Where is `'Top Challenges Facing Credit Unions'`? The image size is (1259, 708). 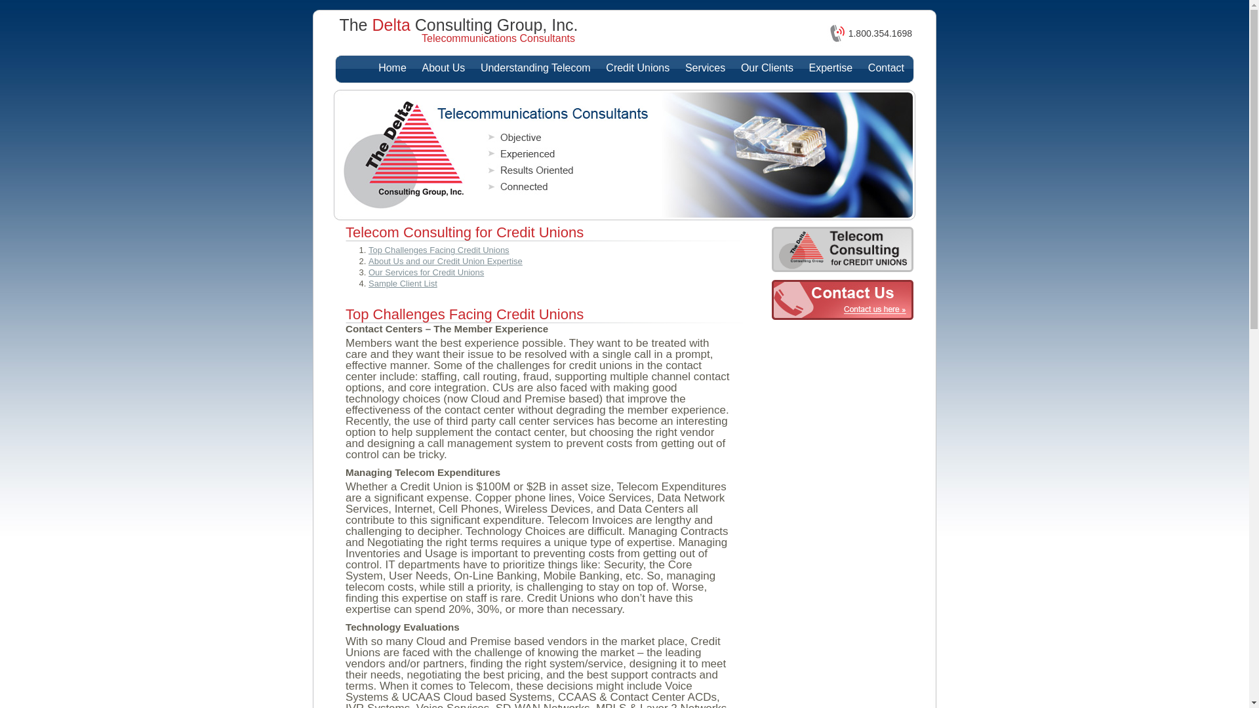
'Top Challenges Facing Credit Unions' is located at coordinates (439, 250).